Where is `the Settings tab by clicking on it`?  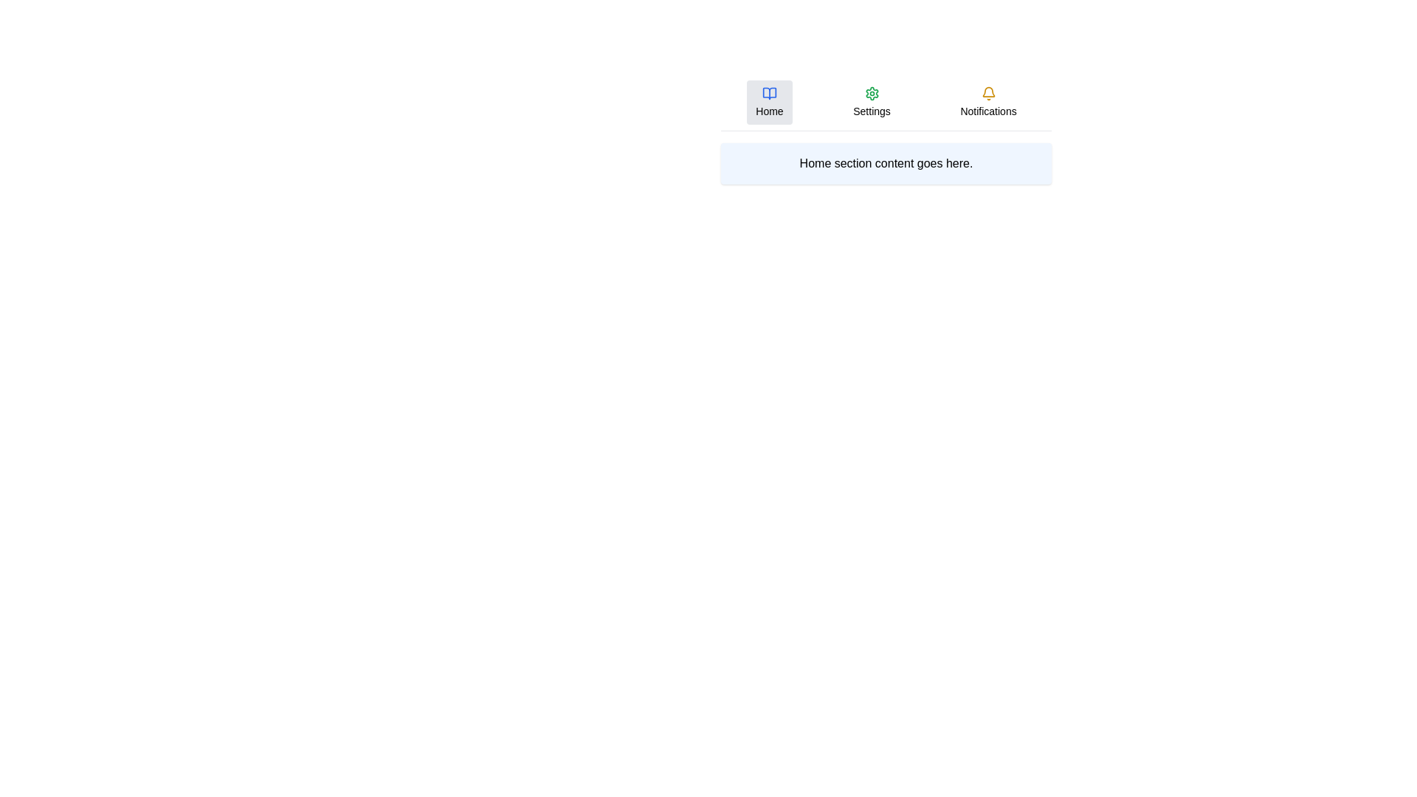 the Settings tab by clicking on it is located at coordinates (872, 101).